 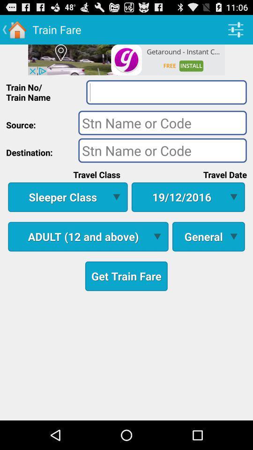 What do you see at coordinates (162, 150) in the screenshot?
I see `set destination` at bounding box center [162, 150].